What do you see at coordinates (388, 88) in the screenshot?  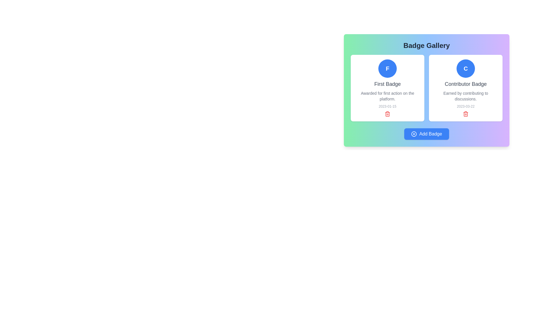 I see `the Badge Card, which is the leftmost card in a two-card row displaying badge details` at bounding box center [388, 88].